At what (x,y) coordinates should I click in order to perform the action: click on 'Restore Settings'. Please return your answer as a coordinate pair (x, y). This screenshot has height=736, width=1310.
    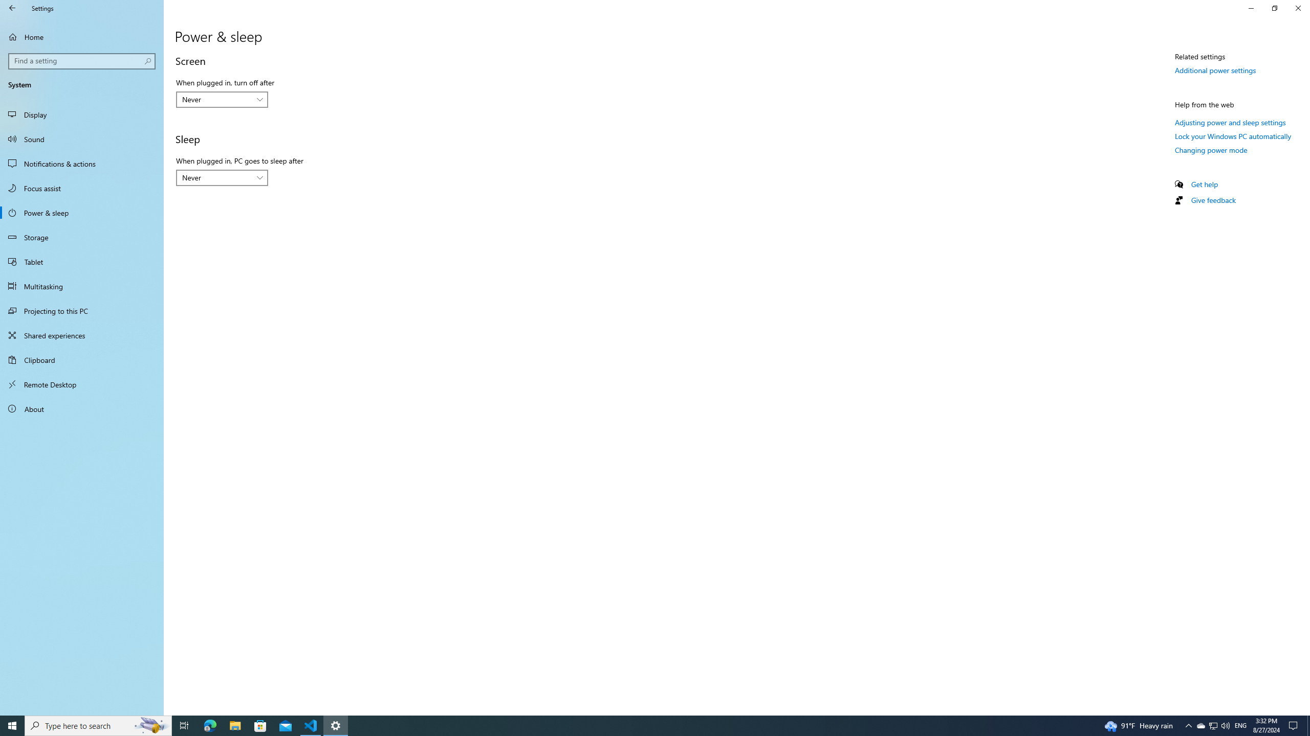
    Looking at the image, I should click on (1274, 8).